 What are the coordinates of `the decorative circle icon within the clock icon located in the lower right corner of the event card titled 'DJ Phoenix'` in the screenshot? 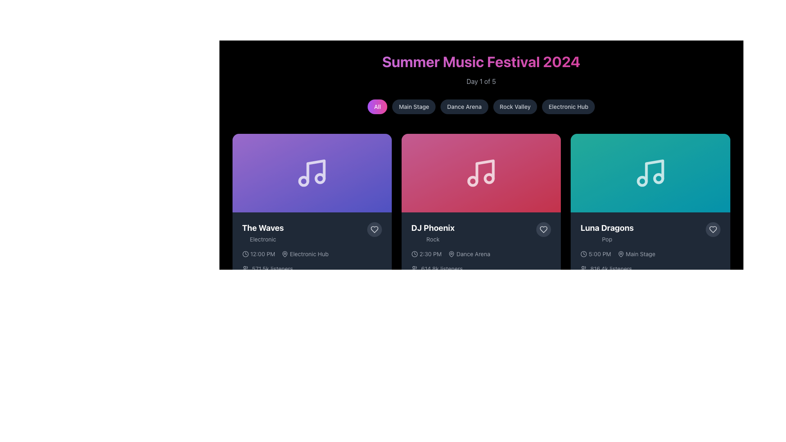 It's located at (583, 254).